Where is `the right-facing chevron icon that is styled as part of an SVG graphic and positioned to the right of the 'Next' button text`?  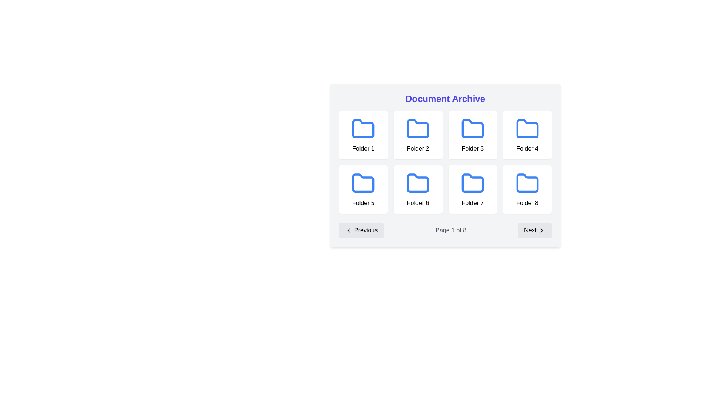 the right-facing chevron icon that is styled as part of an SVG graphic and positioned to the right of the 'Next' button text is located at coordinates (541, 230).